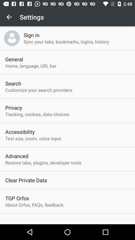 Image resolution: width=135 pixels, height=240 pixels. I want to click on the icon below the general item, so click(31, 65).